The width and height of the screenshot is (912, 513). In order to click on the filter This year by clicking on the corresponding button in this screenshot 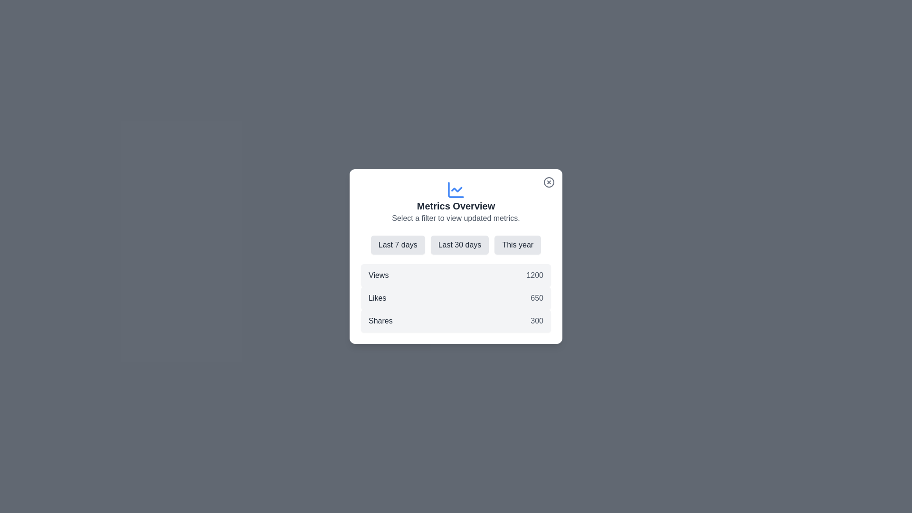, I will do `click(517, 245)`.